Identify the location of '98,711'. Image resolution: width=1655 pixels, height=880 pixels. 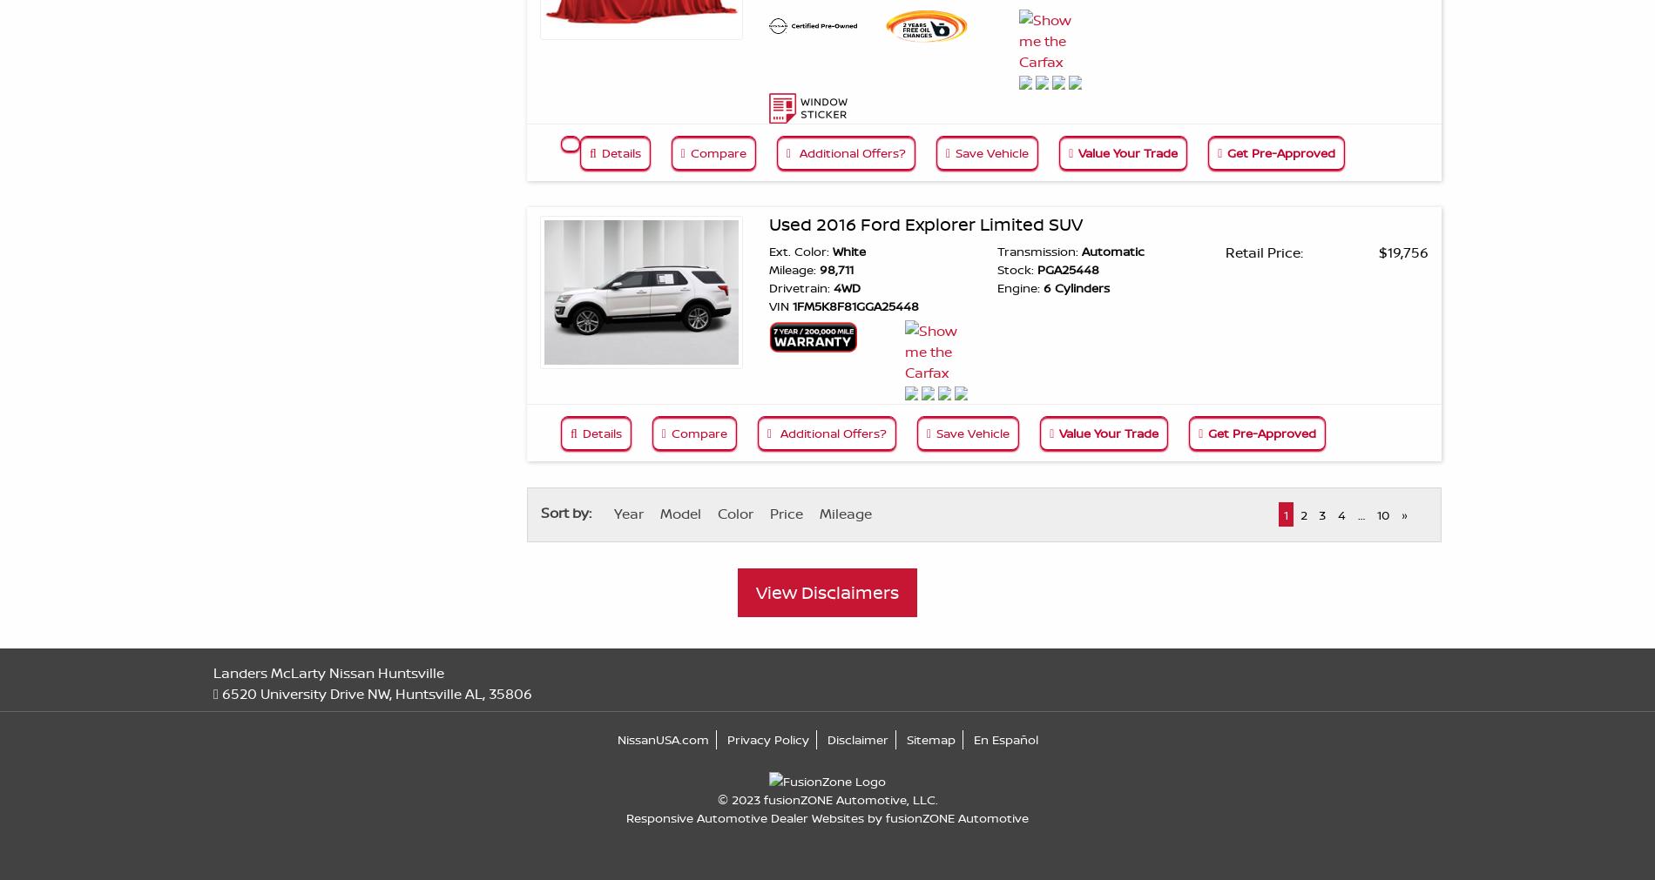
(834, 268).